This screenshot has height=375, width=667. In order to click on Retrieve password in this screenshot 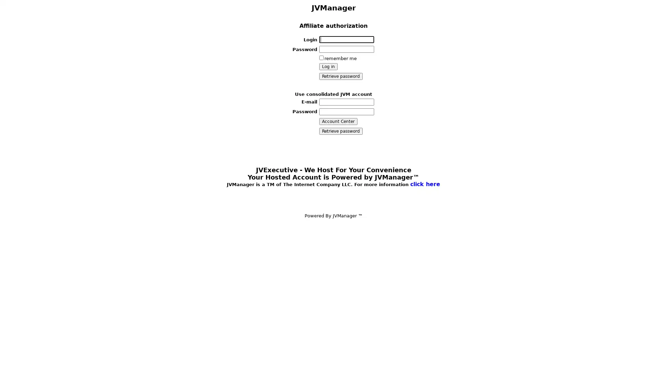, I will do `click(340, 76)`.